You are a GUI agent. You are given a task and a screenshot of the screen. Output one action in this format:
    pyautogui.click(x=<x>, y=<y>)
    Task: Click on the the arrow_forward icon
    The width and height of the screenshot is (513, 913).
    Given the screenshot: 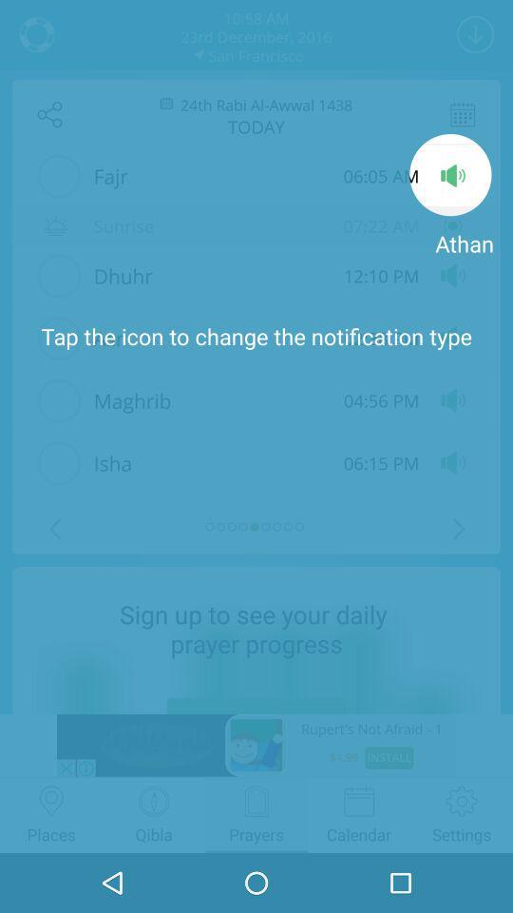 What is the action you would take?
    pyautogui.click(x=455, y=529)
    